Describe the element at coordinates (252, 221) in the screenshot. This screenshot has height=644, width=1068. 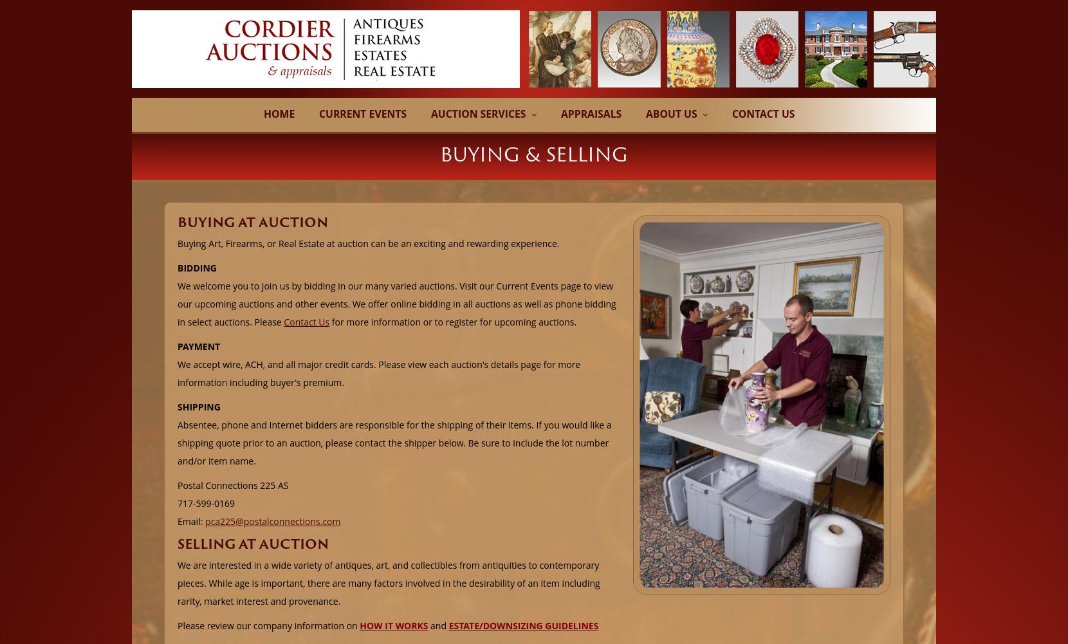
I see `'BUYING AT AUCTION'` at that location.